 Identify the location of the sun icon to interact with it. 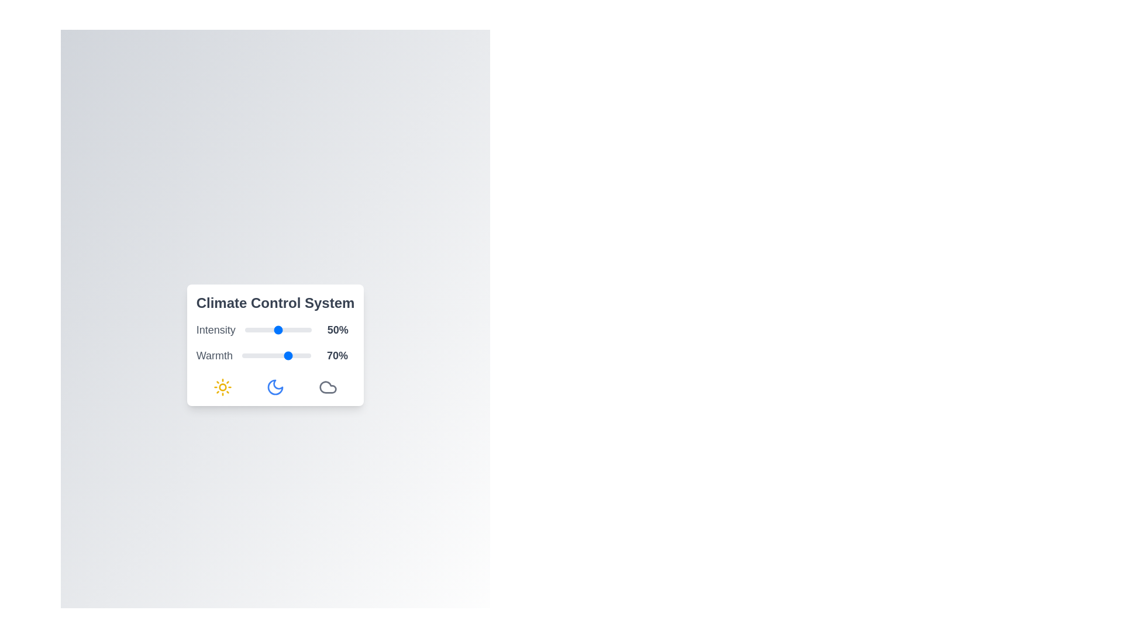
(222, 387).